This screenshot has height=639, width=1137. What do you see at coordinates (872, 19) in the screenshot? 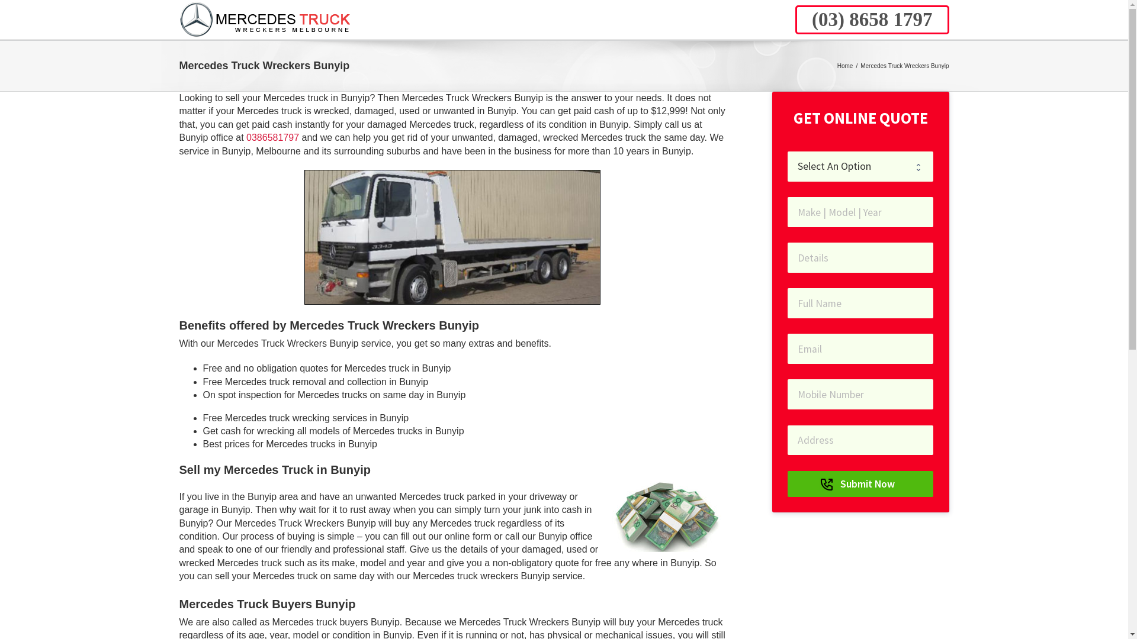
I see `'(03) 8658 1797'` at bounding box center [872, 19].